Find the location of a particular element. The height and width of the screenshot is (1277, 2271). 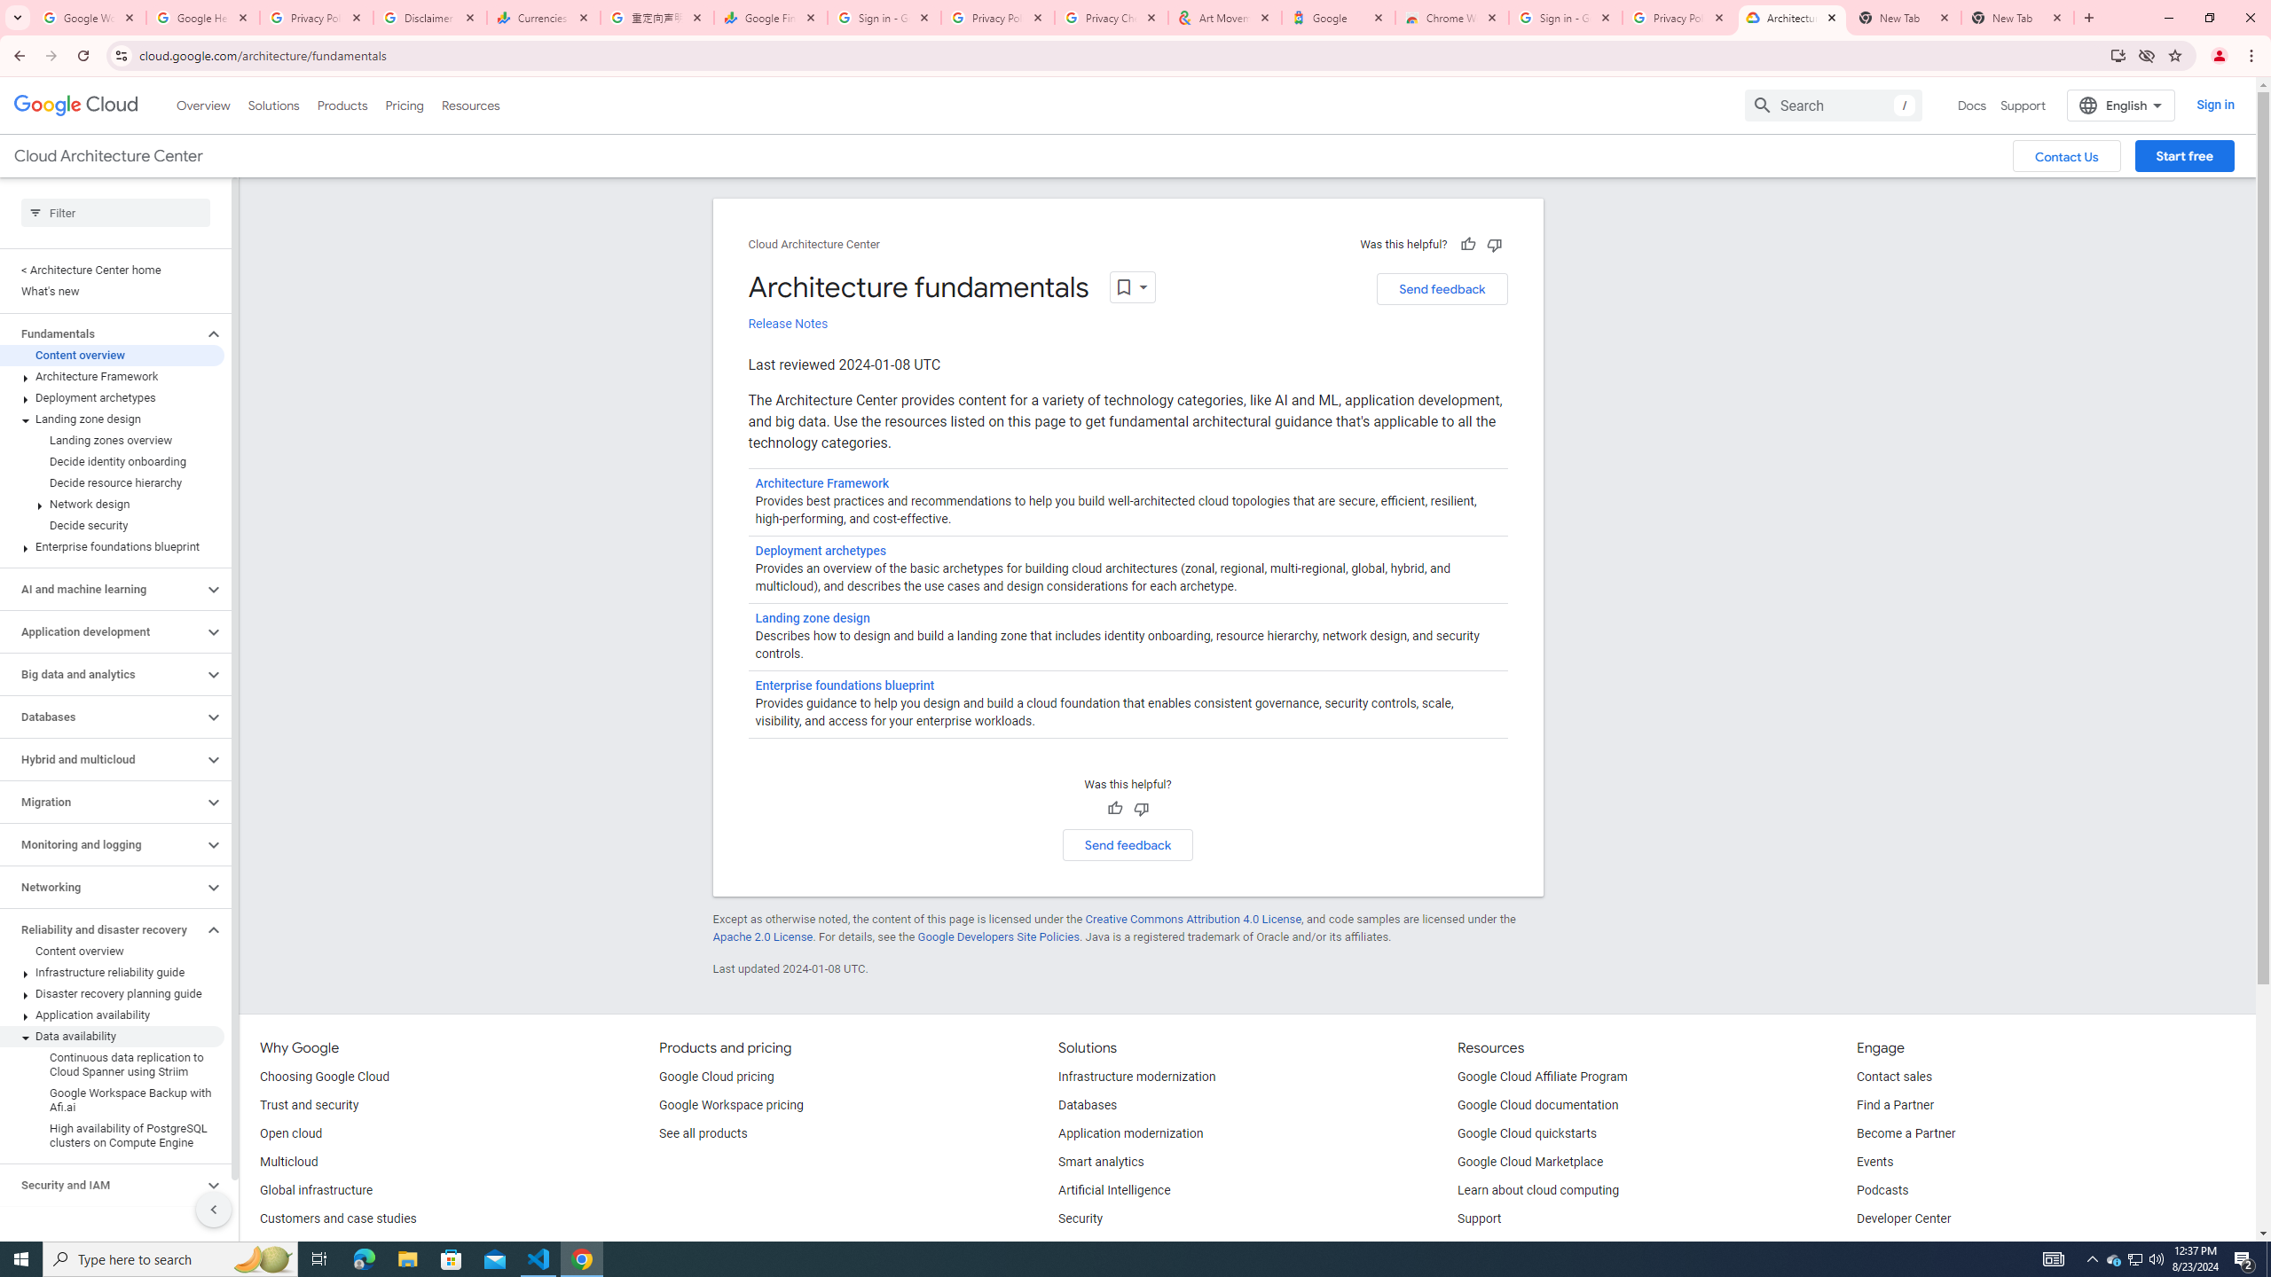

'Customers and case studies' is located at coordinates (337, 1218).